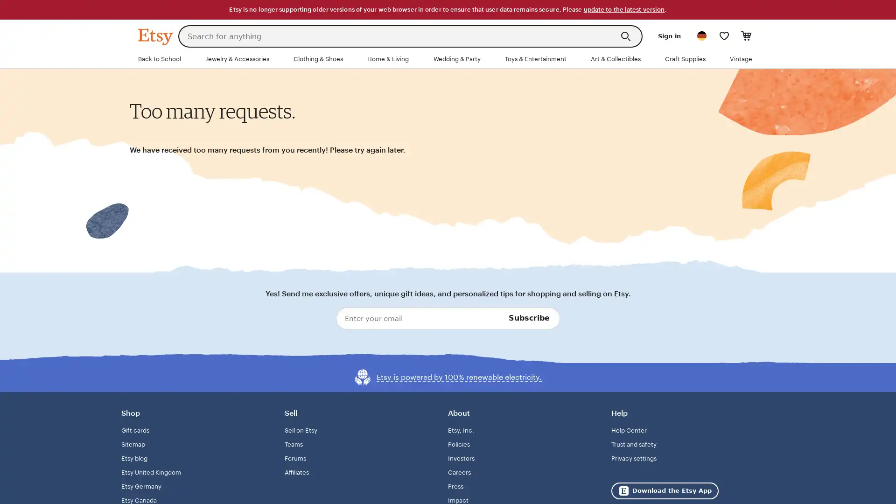 The width and height of the screenshot is (896, 504). I want to click on Subscribe, so click(531, 318).